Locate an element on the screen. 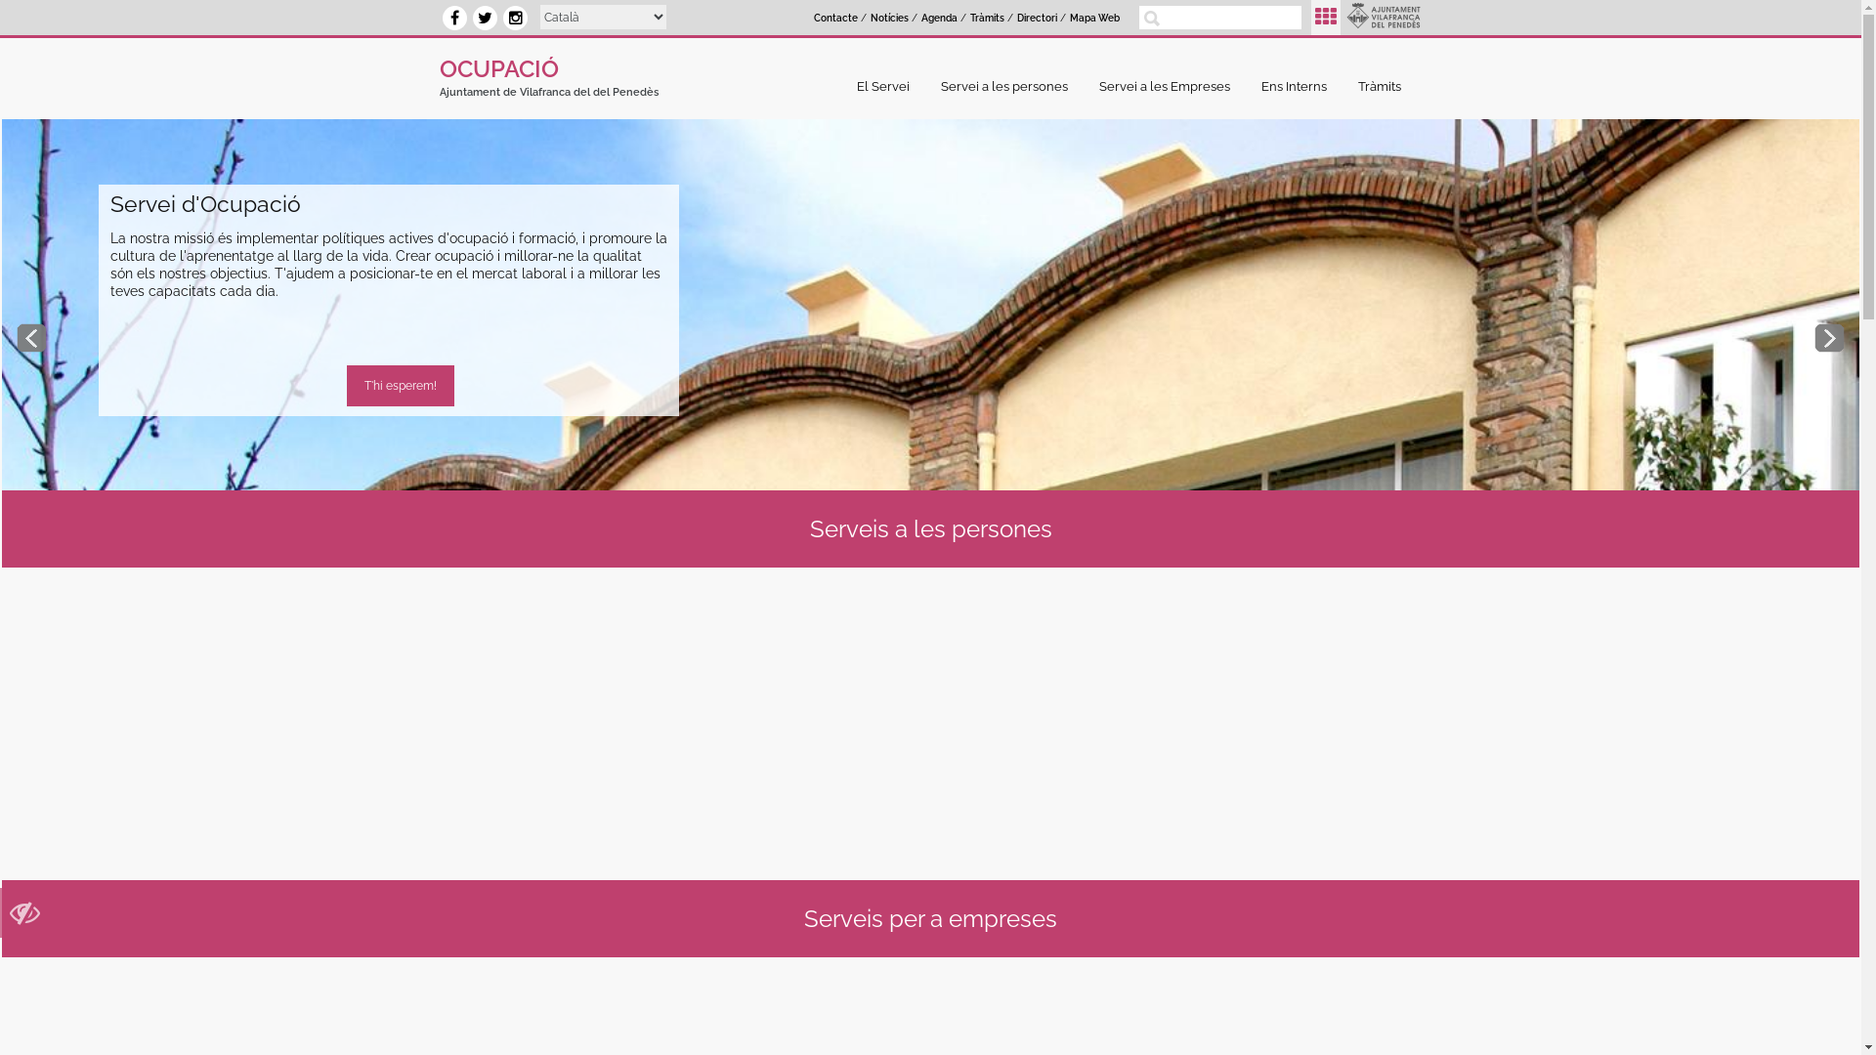  'Servei a les Empreses' is located at coordinates (1169, 85).